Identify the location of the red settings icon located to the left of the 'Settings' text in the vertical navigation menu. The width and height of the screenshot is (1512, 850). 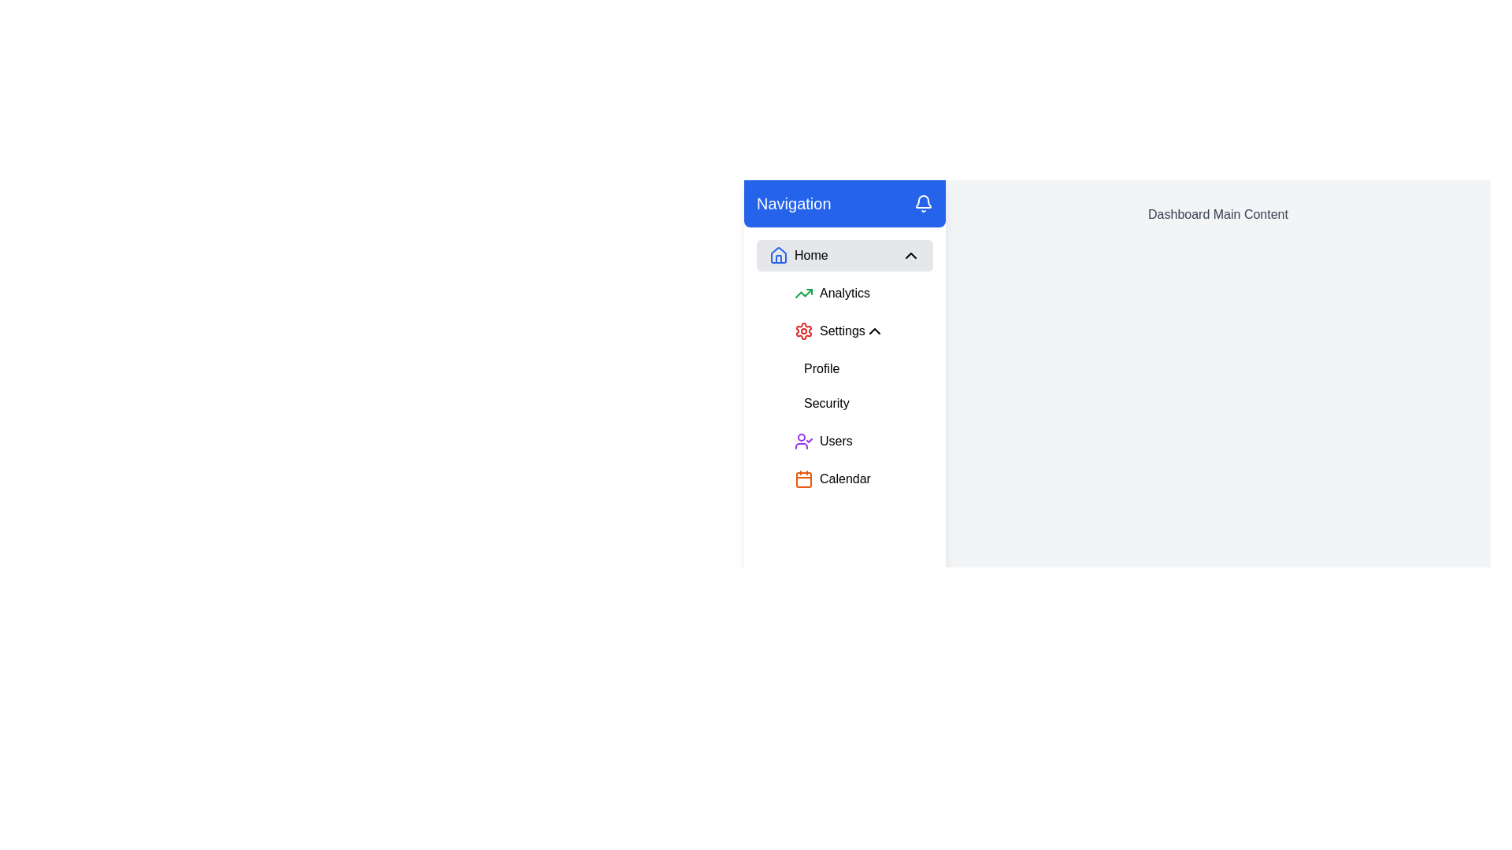
(804, 330).